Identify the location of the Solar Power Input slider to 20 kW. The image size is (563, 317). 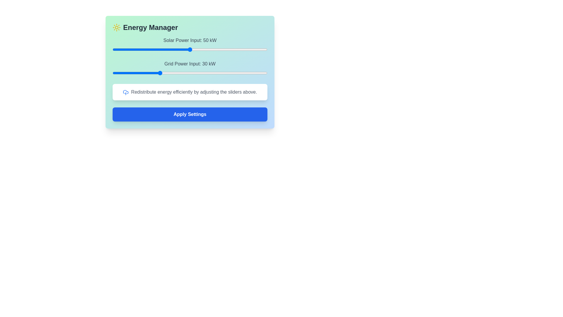
(143, 49).